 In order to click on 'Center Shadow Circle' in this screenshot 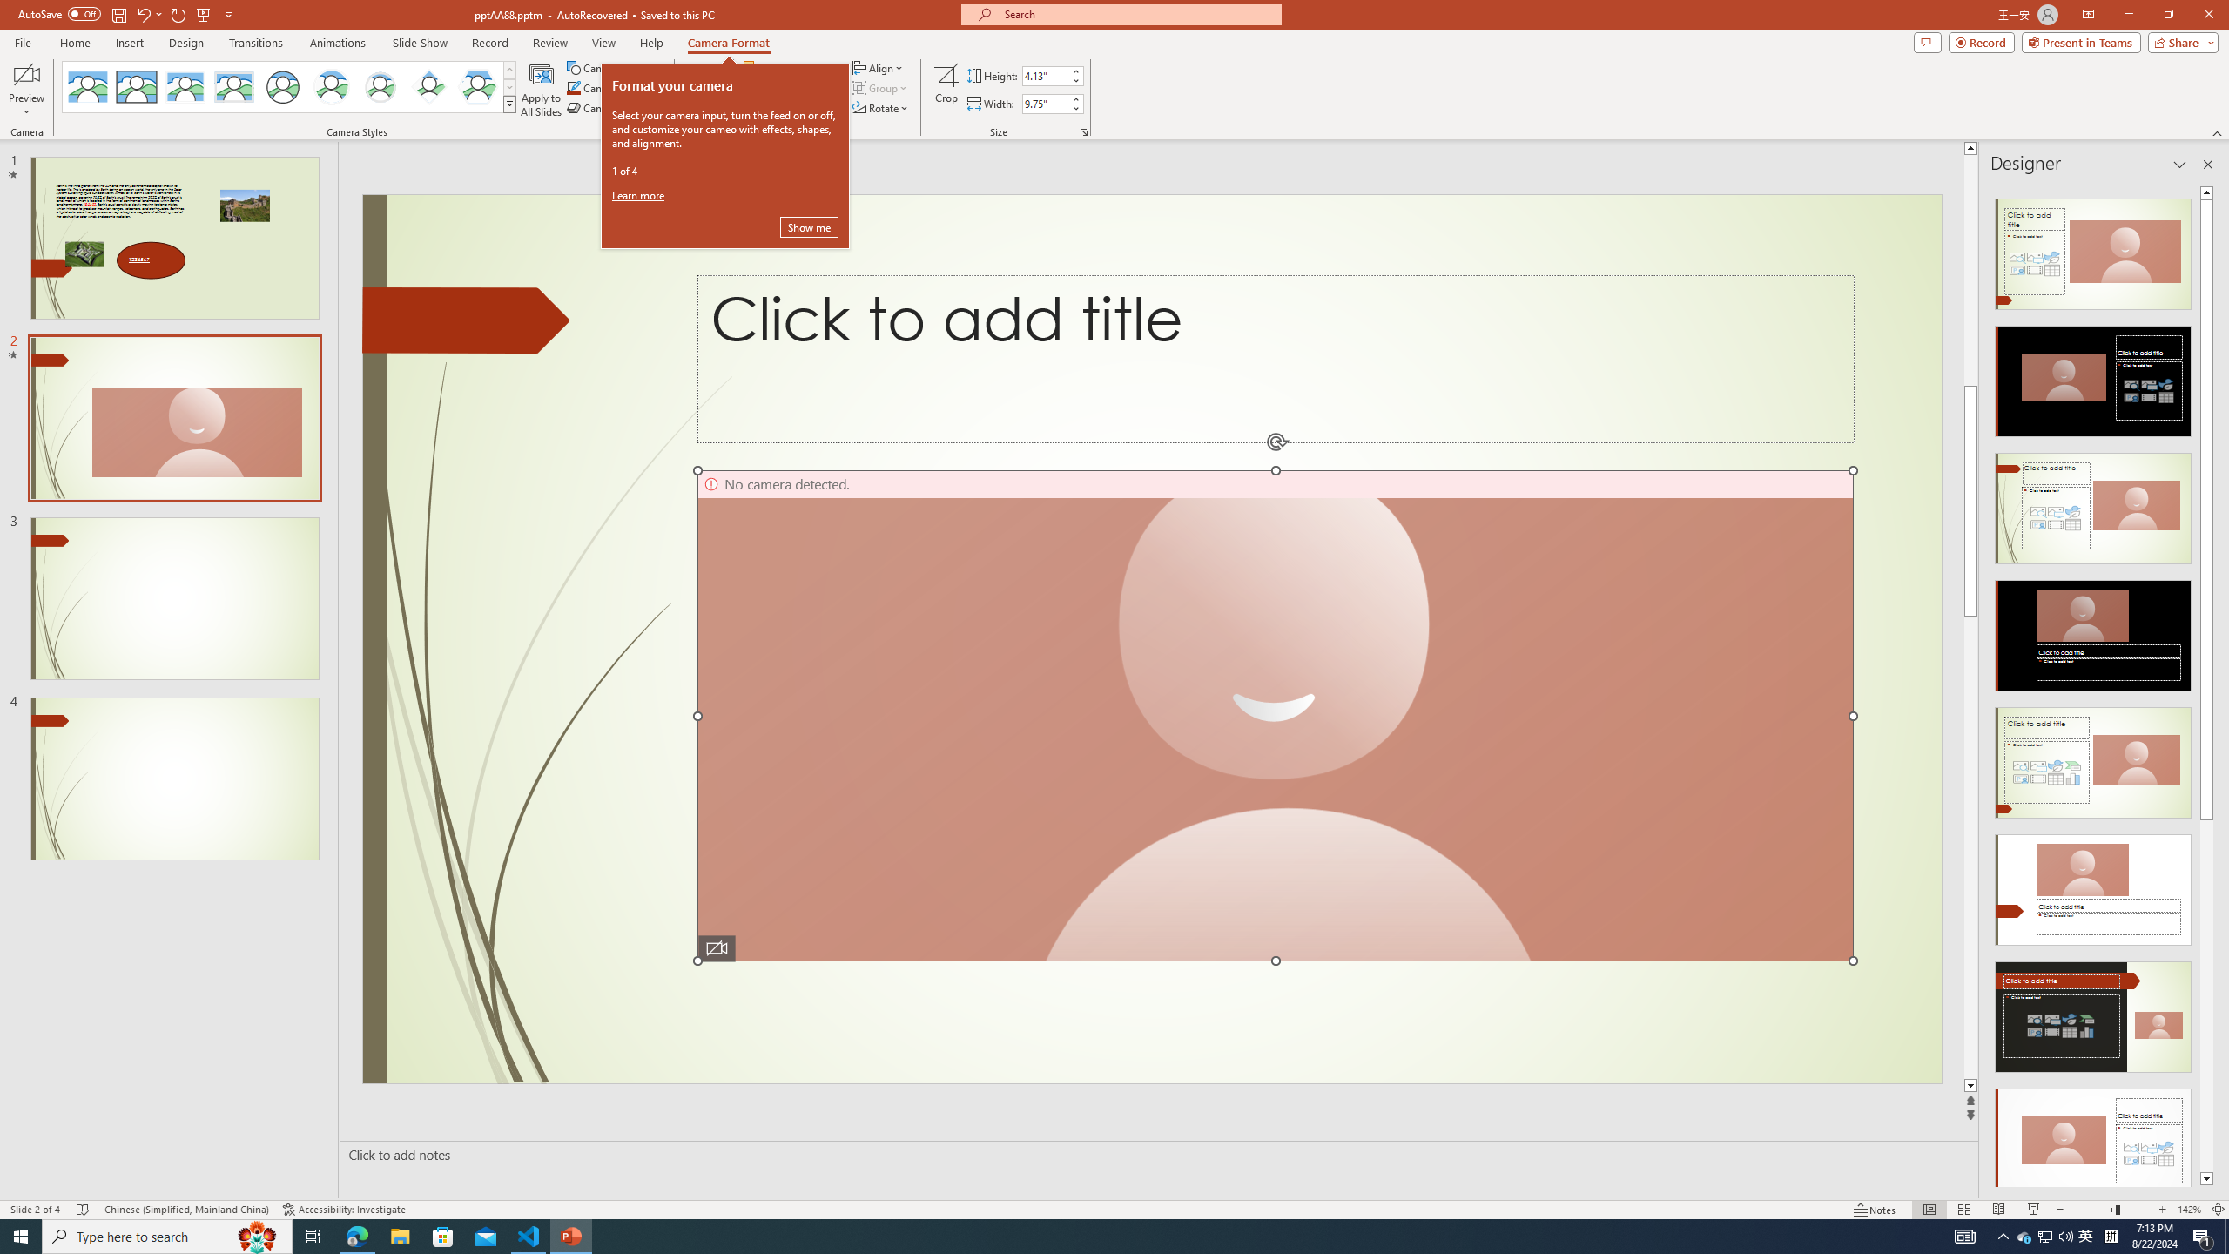, I will do `click(331, 86)`.